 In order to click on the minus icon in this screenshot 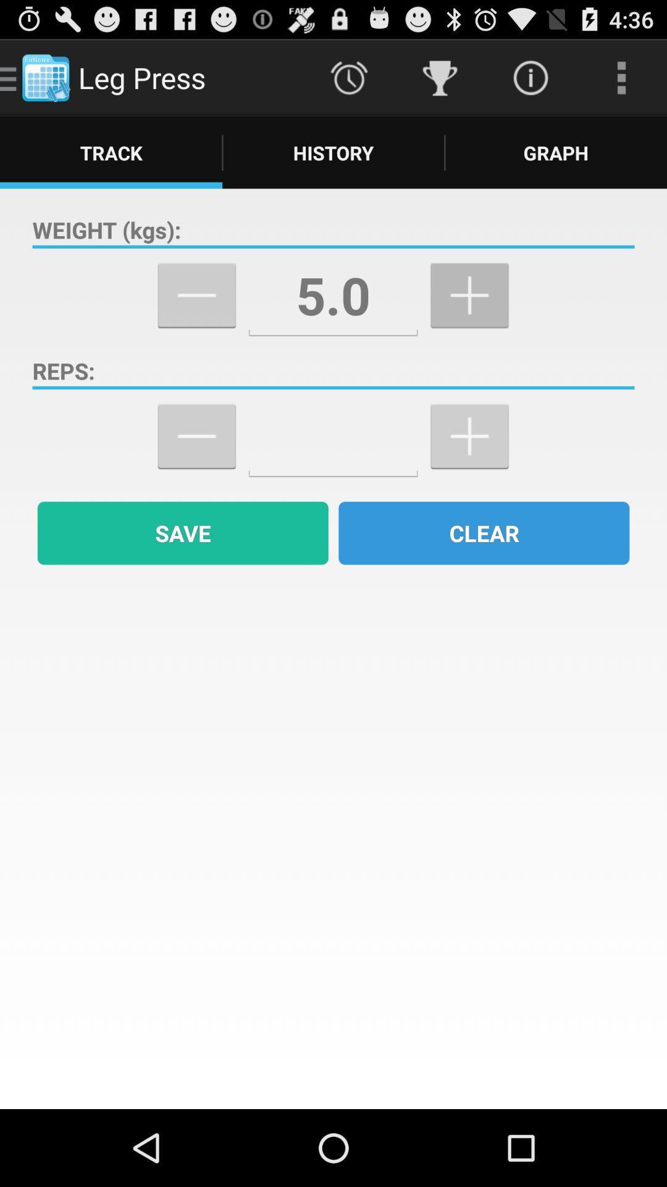, I will do `click(196, 316)`.